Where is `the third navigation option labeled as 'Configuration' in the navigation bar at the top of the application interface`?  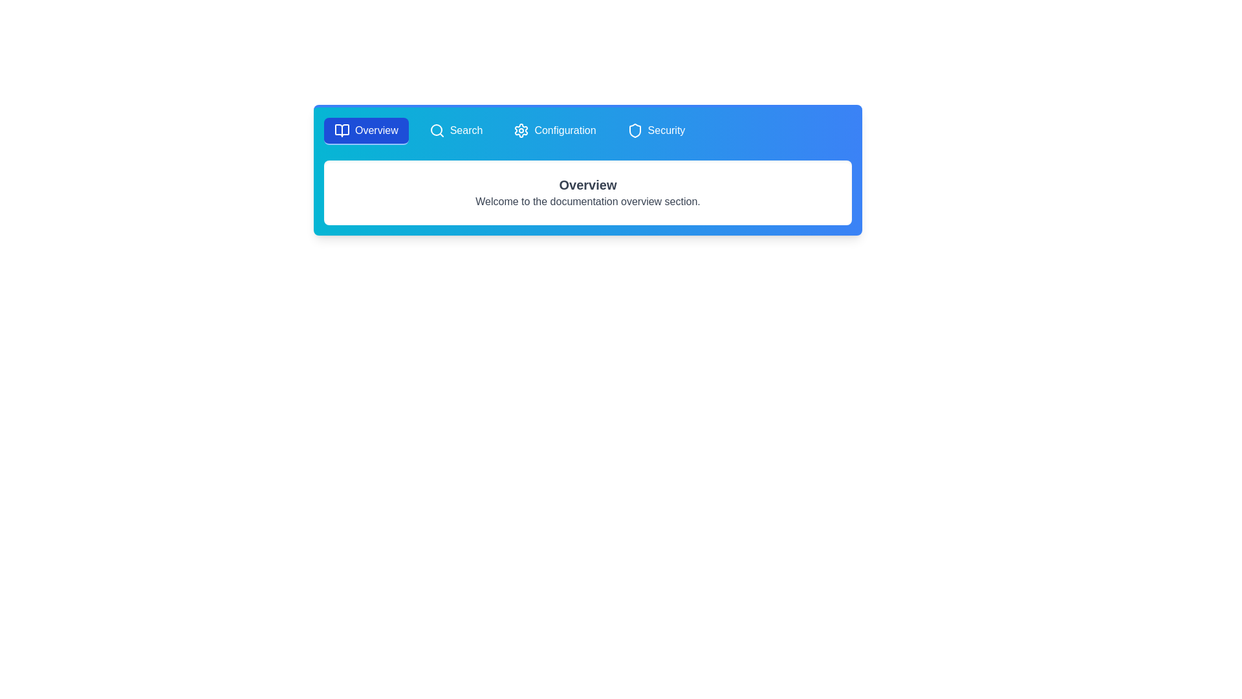
the third navigation option labeled as 'Configuration' in the navigation bar at the top of the application interface is located at coordinates (565, 130).